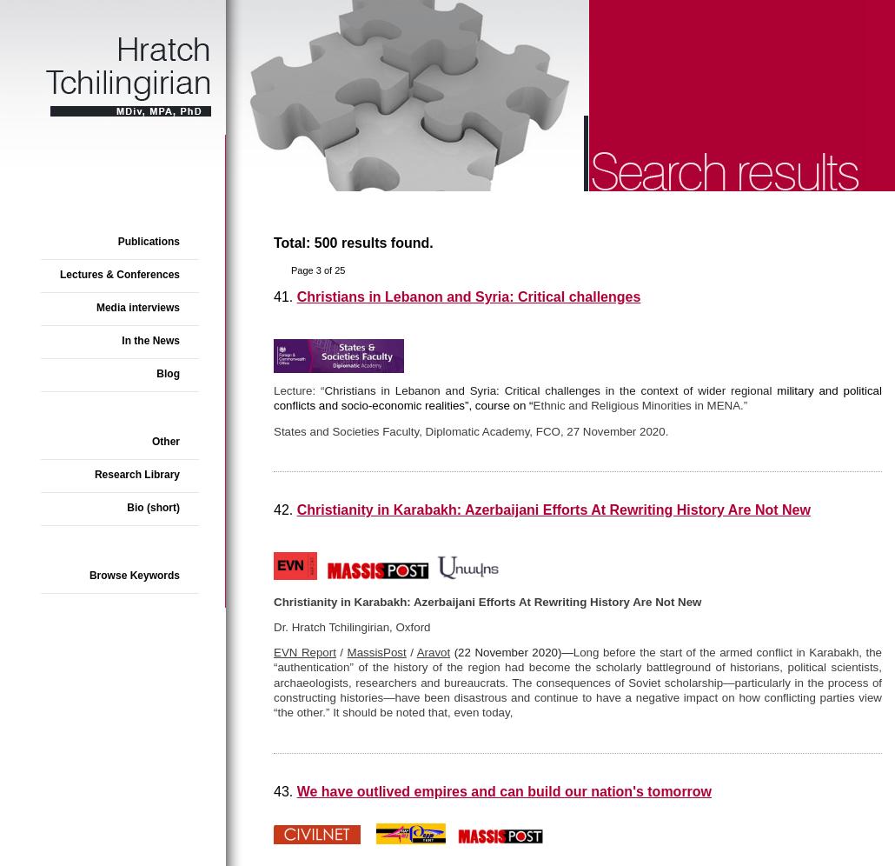  I want to click on 'Blog', so click(168, 373).